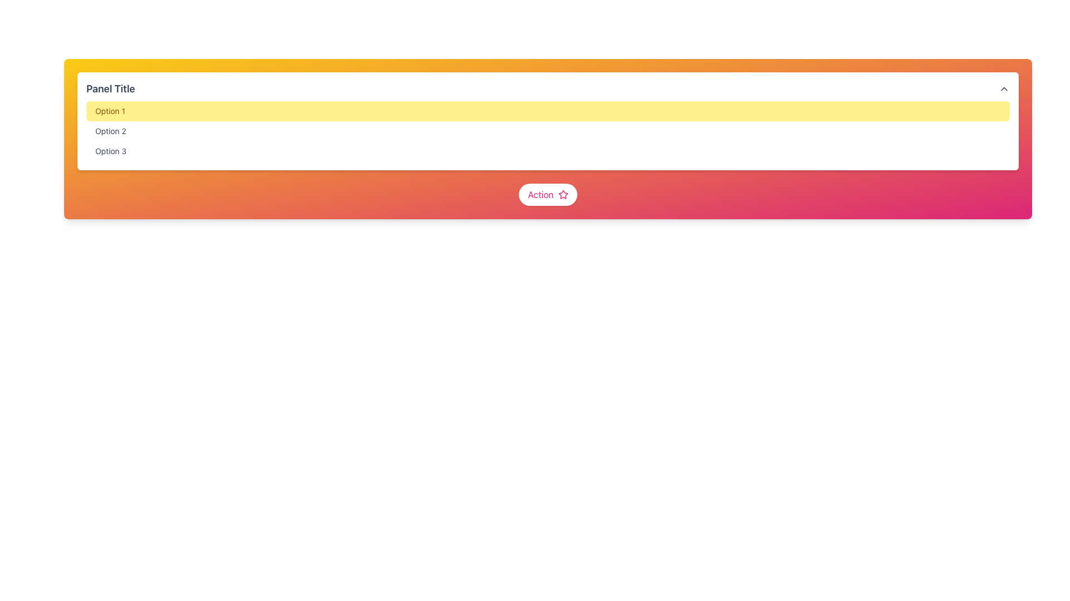 The height and width of the screenshot is (601, 1070). Describe the element at coordinates (1004, 88) in the screenshot. I see `the Chevron Icon located at the top-right corner of the collapsible panel titled 'Panel Title'` at that location.